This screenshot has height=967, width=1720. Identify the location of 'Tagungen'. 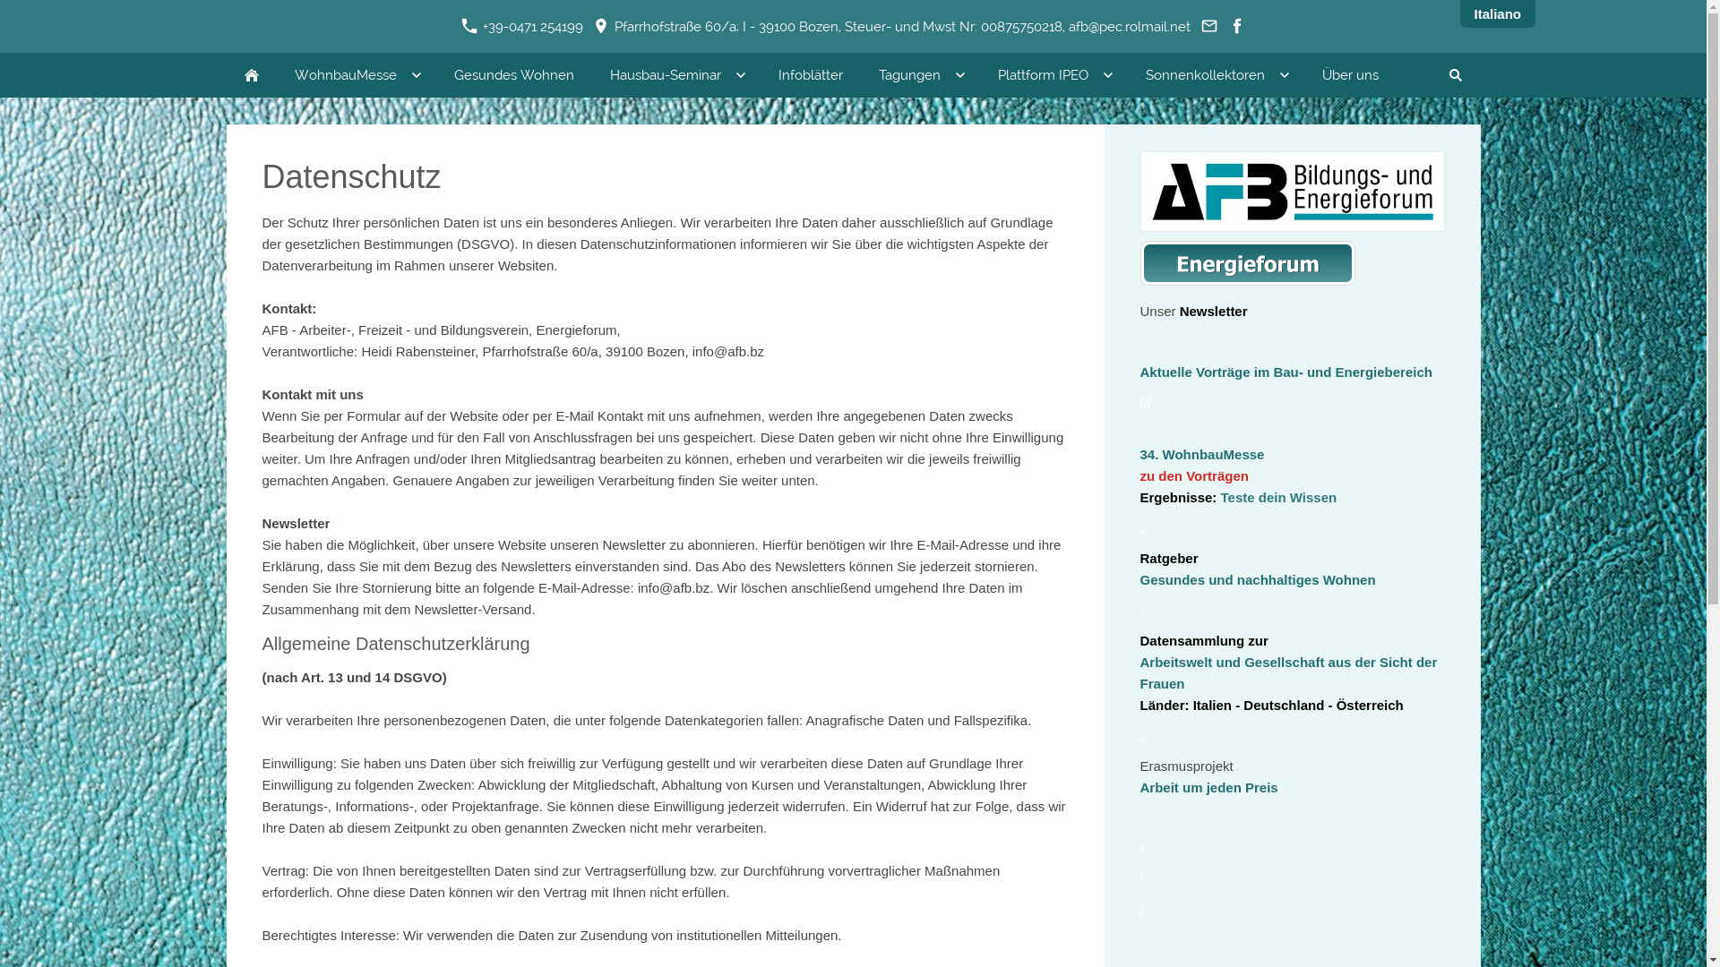
(919, 74).